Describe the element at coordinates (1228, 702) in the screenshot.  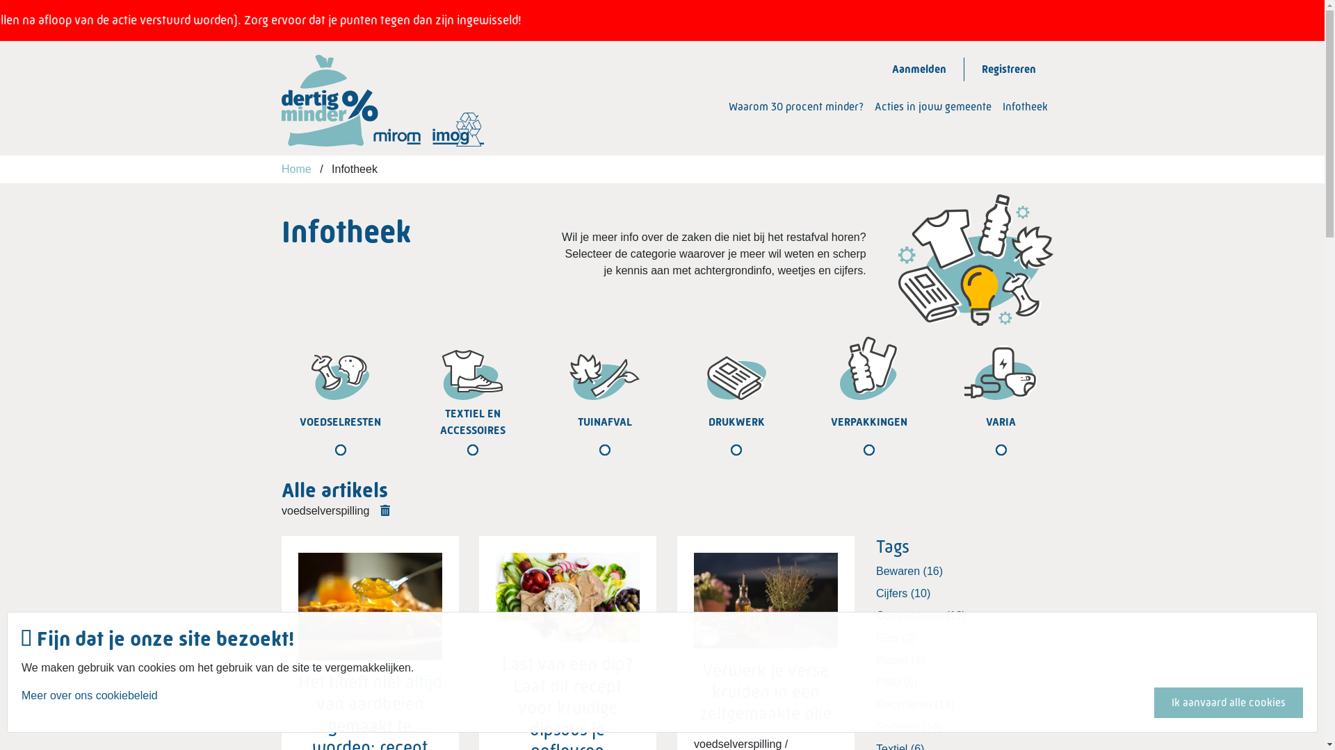
I see `'Ik aanvaard alle cookies'` at that location.